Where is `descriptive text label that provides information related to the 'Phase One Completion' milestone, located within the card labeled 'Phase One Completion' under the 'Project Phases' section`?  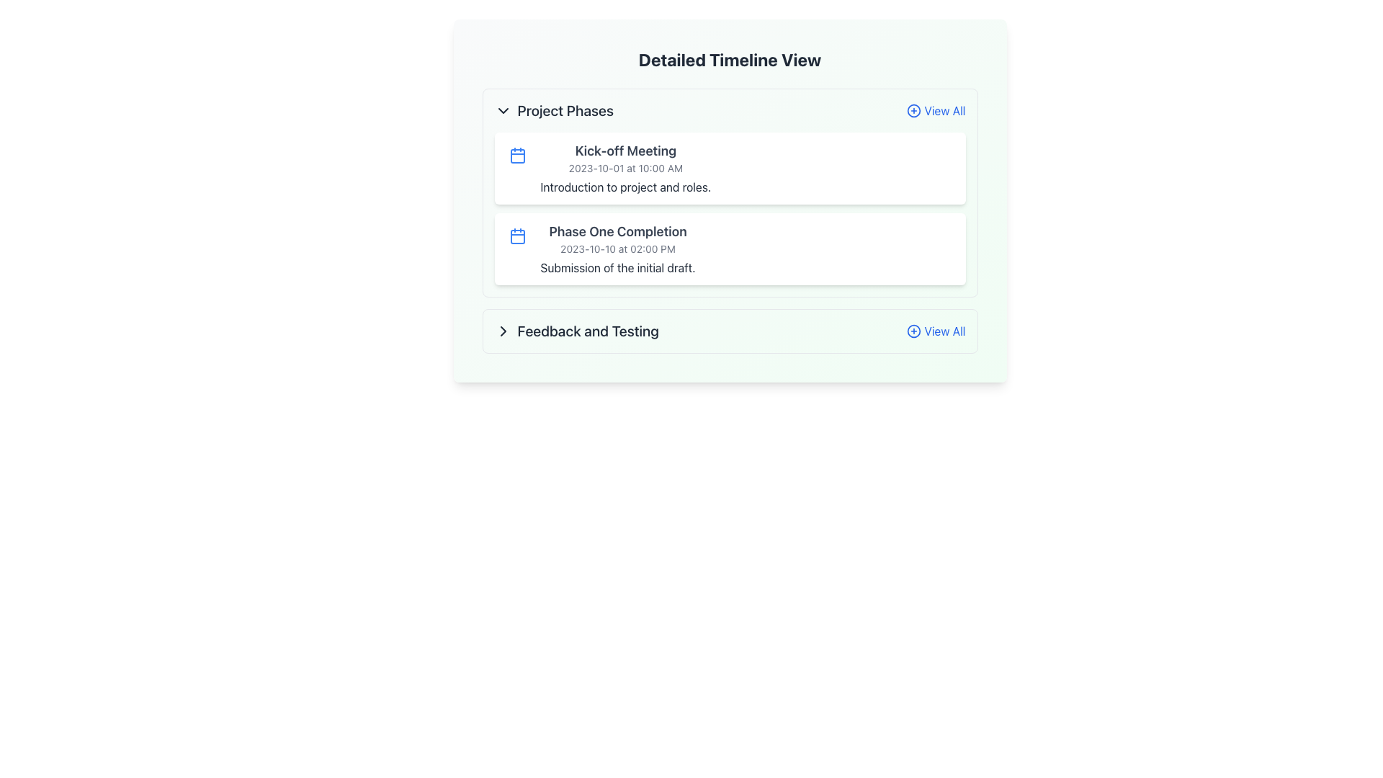
descriptive text label that provides information related to the 'Phase One Completion' milestone, located within the card labeled 'Phase One Completion' under the 'Project Phases' section is located at coordinates (618, 267).